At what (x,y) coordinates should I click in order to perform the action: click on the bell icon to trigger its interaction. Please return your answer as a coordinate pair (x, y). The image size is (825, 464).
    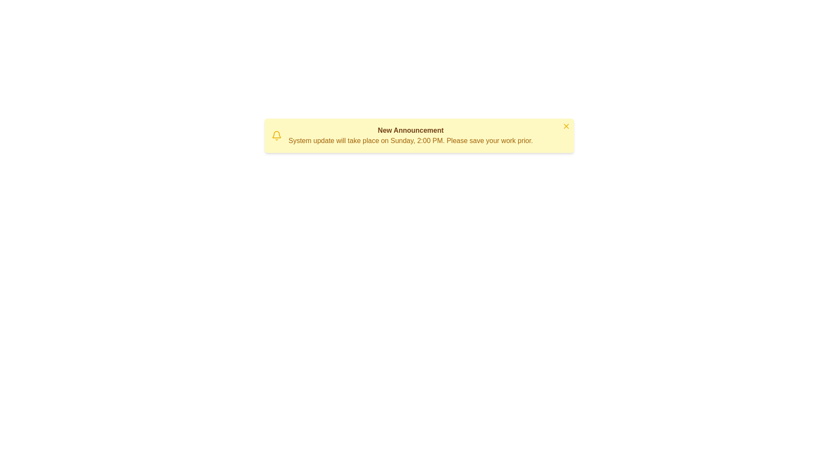
    Looking at the image, I should click on (276, 135).